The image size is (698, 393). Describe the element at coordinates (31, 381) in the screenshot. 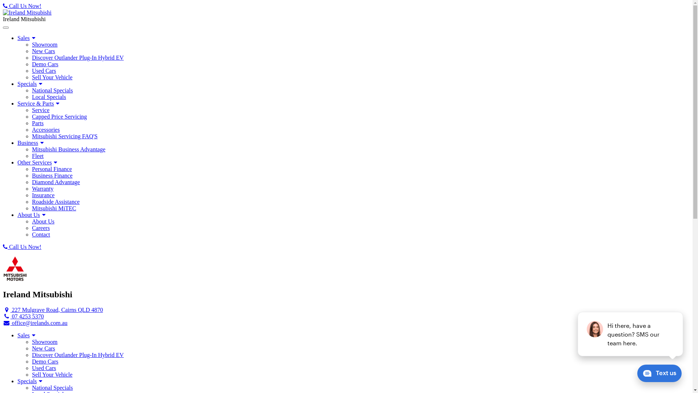

I see `'Specials'` at that location.